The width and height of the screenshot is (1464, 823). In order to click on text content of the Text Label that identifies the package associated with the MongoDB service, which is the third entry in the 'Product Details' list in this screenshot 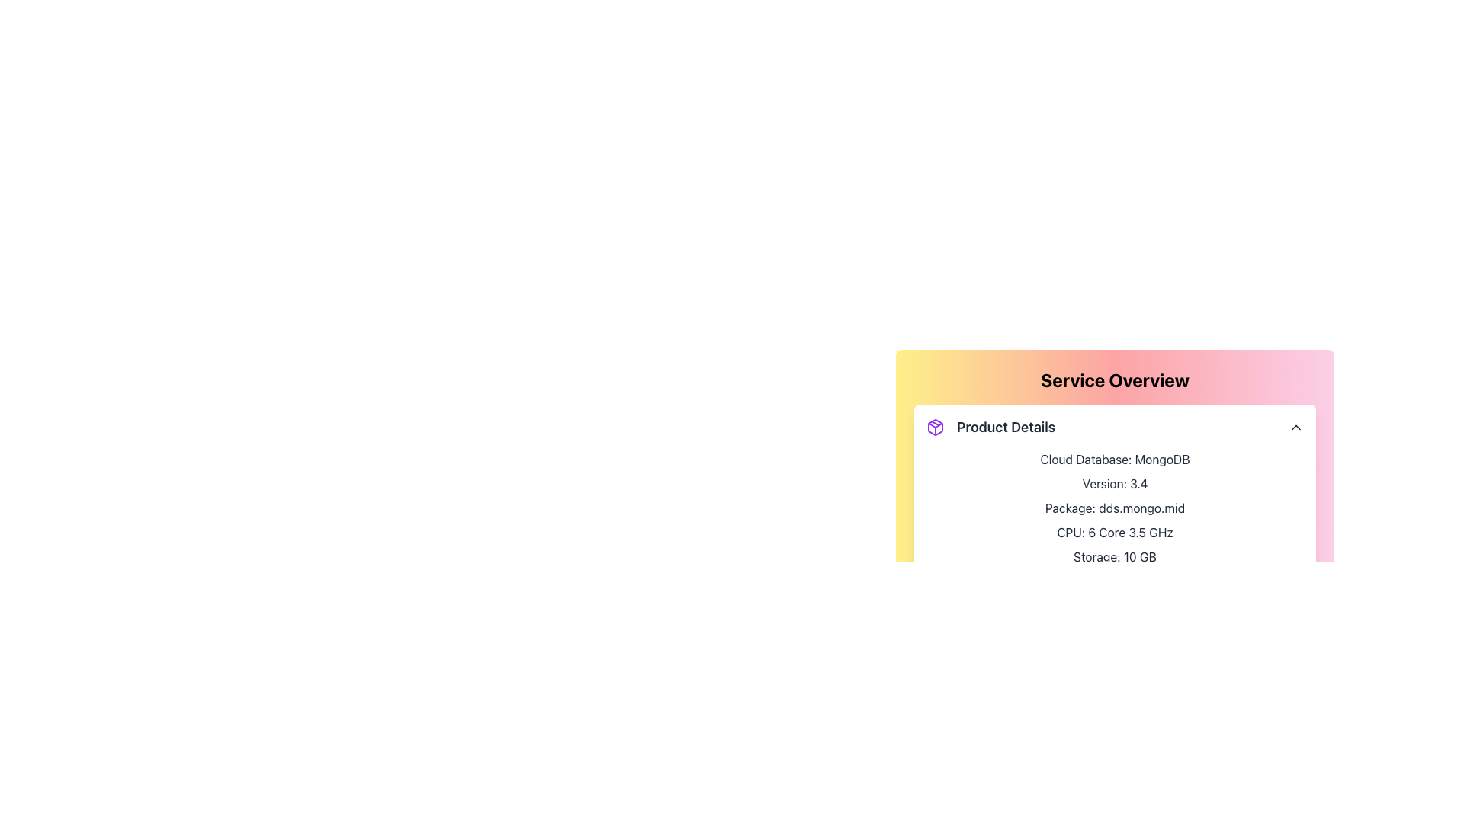, I will do `click(1115, 508)`.